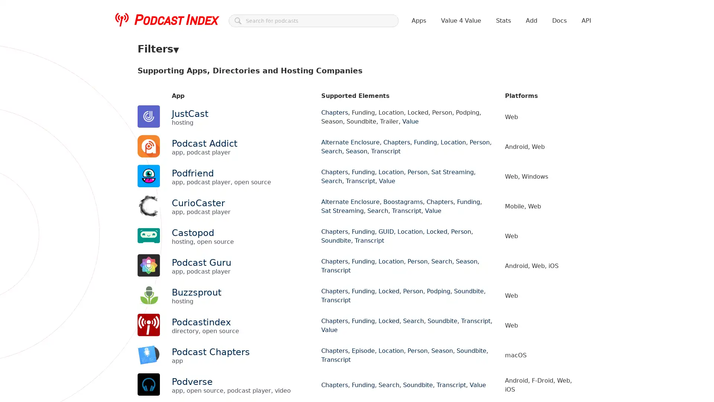  I want to click on Browser Extension, so click(238, 72).